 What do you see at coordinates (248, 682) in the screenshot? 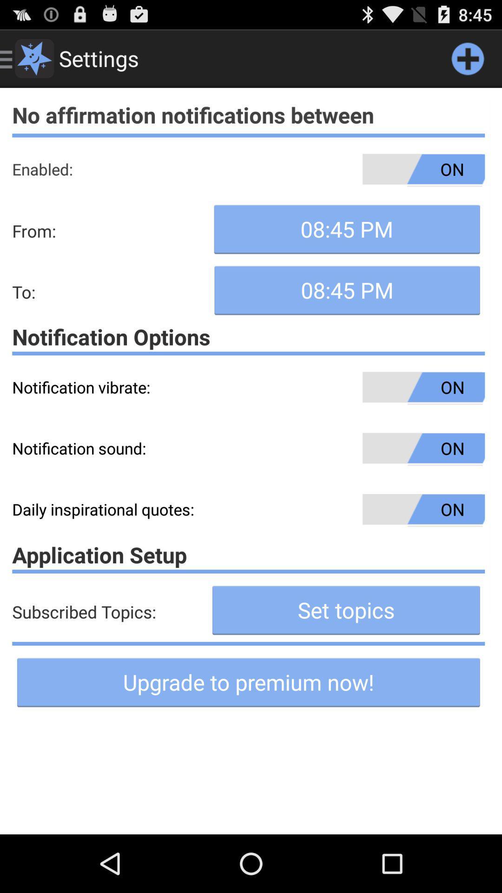
I see `the button on the bottom line of the web page` at bounding box center [248, 682].